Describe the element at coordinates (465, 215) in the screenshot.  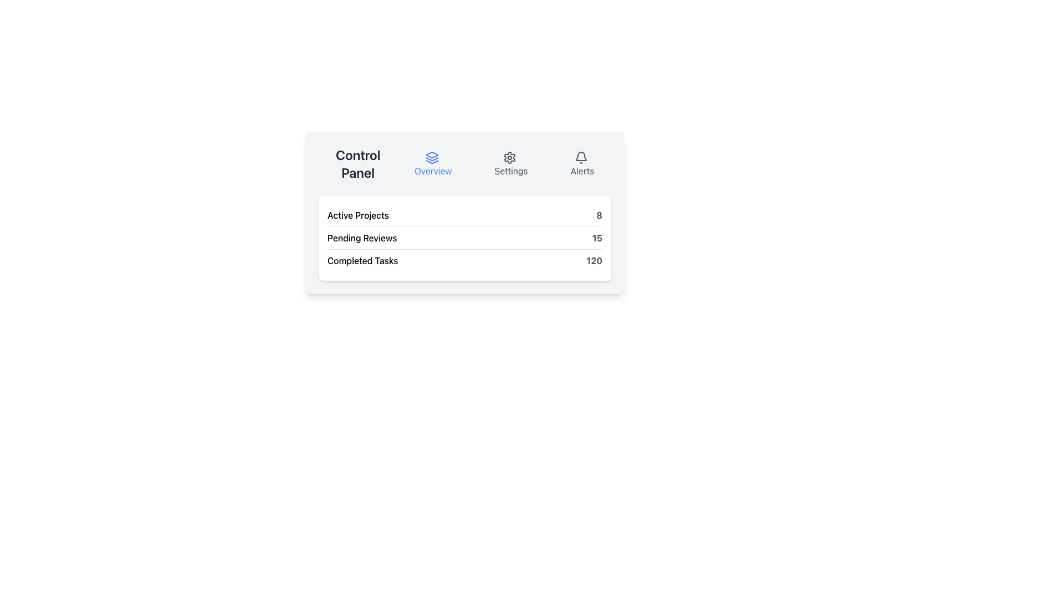
I see `Label with numerical indicator that shows the count of active projects, located in the Control Panel, for styling or data` at that location.